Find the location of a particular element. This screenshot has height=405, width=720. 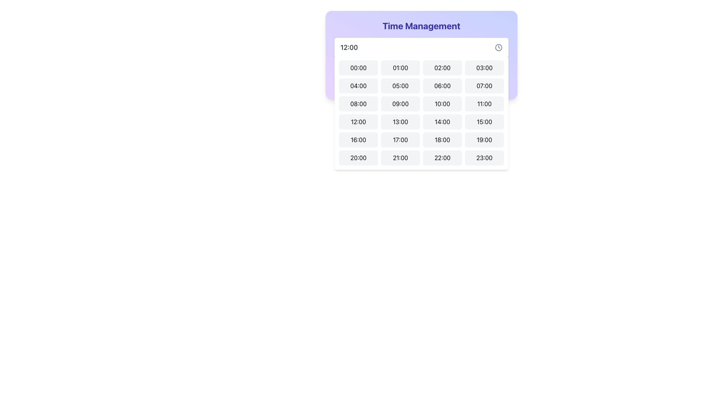

the '15:00' time selection button located in the fourth column of the fourth row within the time options grid to confirm the selection is located at coordinates (484, 121).